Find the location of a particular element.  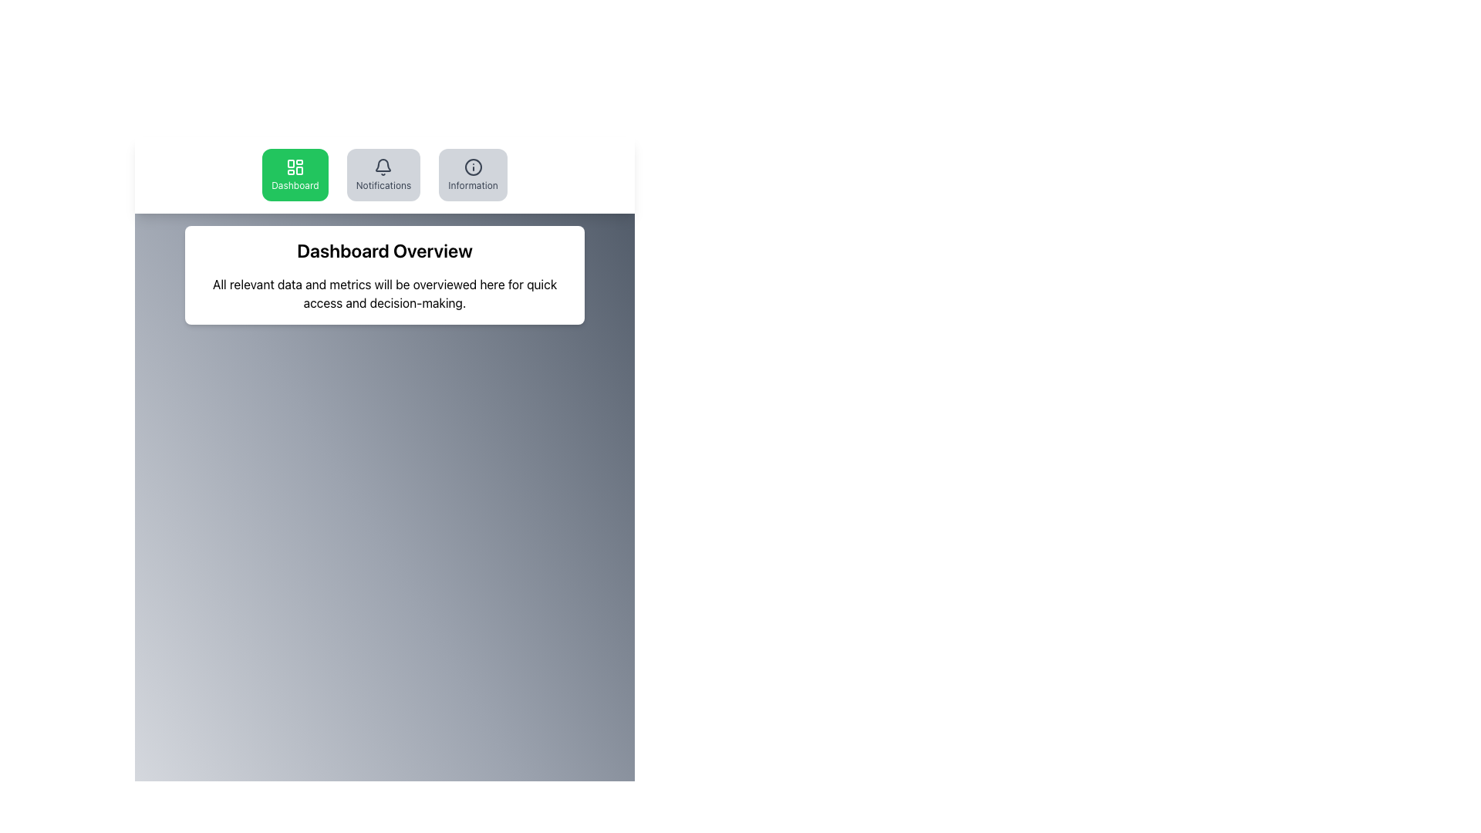

the navigation button located between the green 'Dashboard' button and the gray 'Information' button is located at coordinates (383, 174).